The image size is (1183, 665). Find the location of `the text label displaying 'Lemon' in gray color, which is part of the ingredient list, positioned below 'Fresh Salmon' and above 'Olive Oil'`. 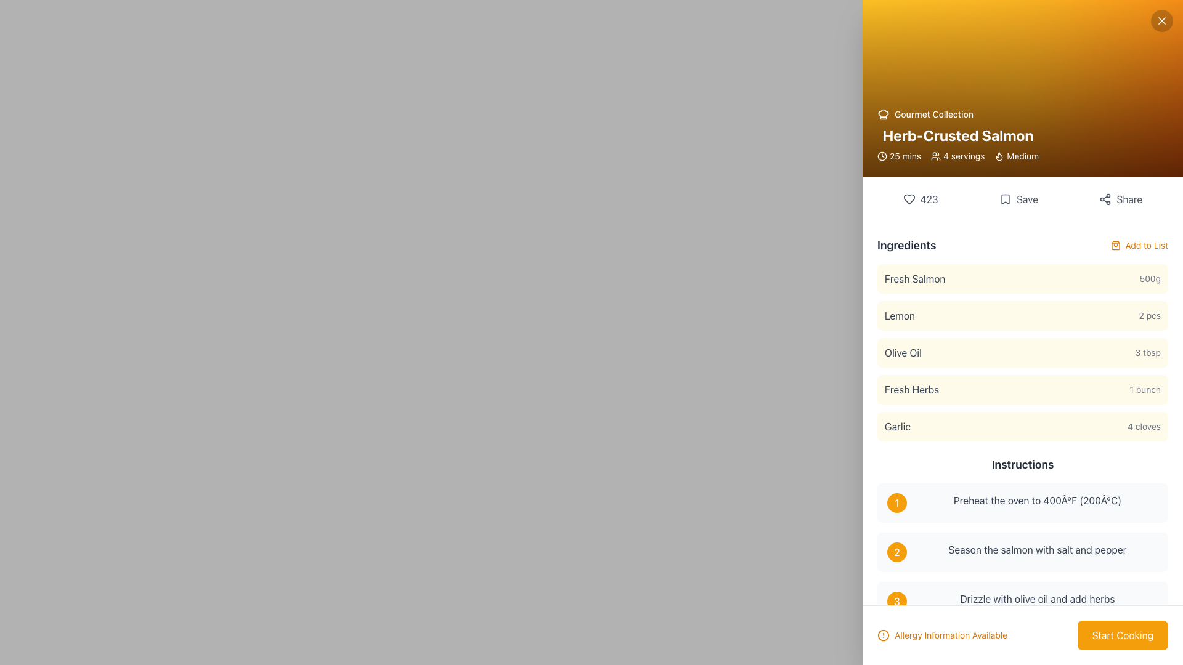

the text label displaying 'Lemon' in gray color, which is part of the ingredient list, positioned below 'Fresh Salmon' and above 'Olive Oil' is located at coordinates (900, 315).